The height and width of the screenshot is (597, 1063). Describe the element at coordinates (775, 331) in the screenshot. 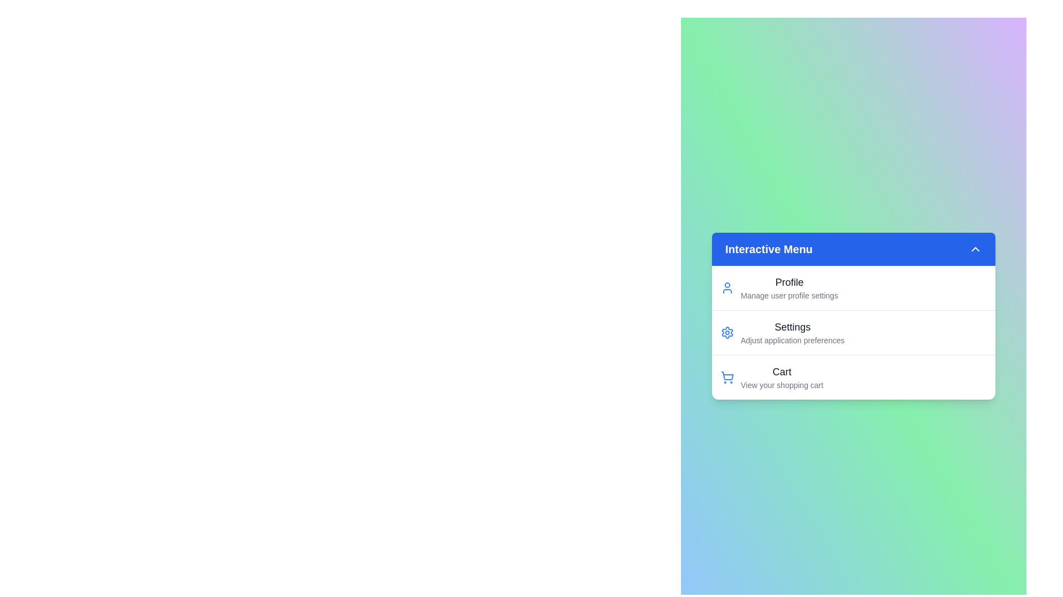

I see `the menu item Settings to highlight it` at that location.